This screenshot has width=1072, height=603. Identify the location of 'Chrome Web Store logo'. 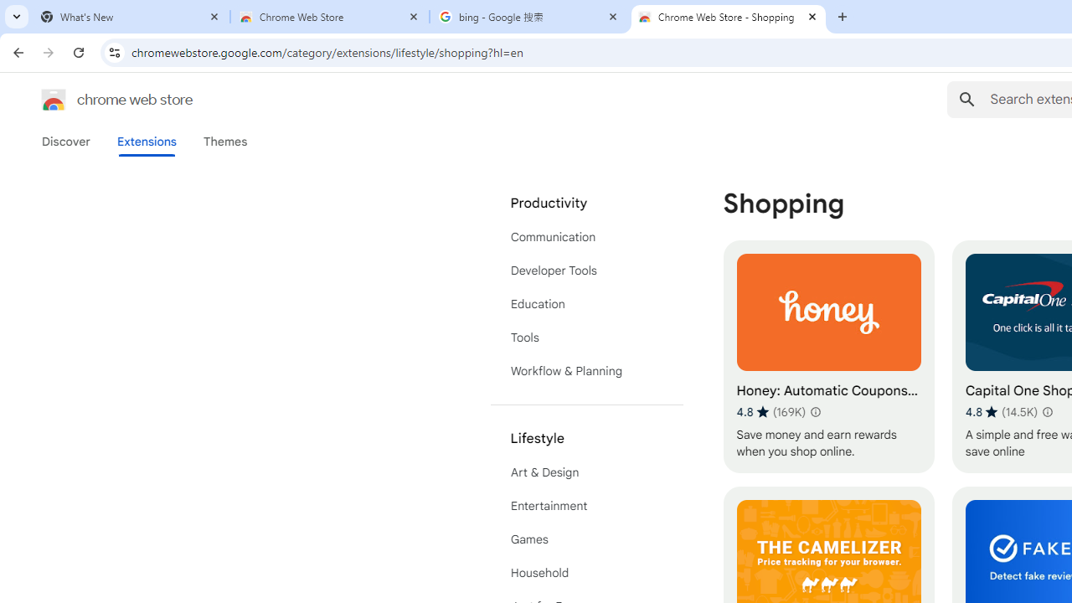
(54, 100).